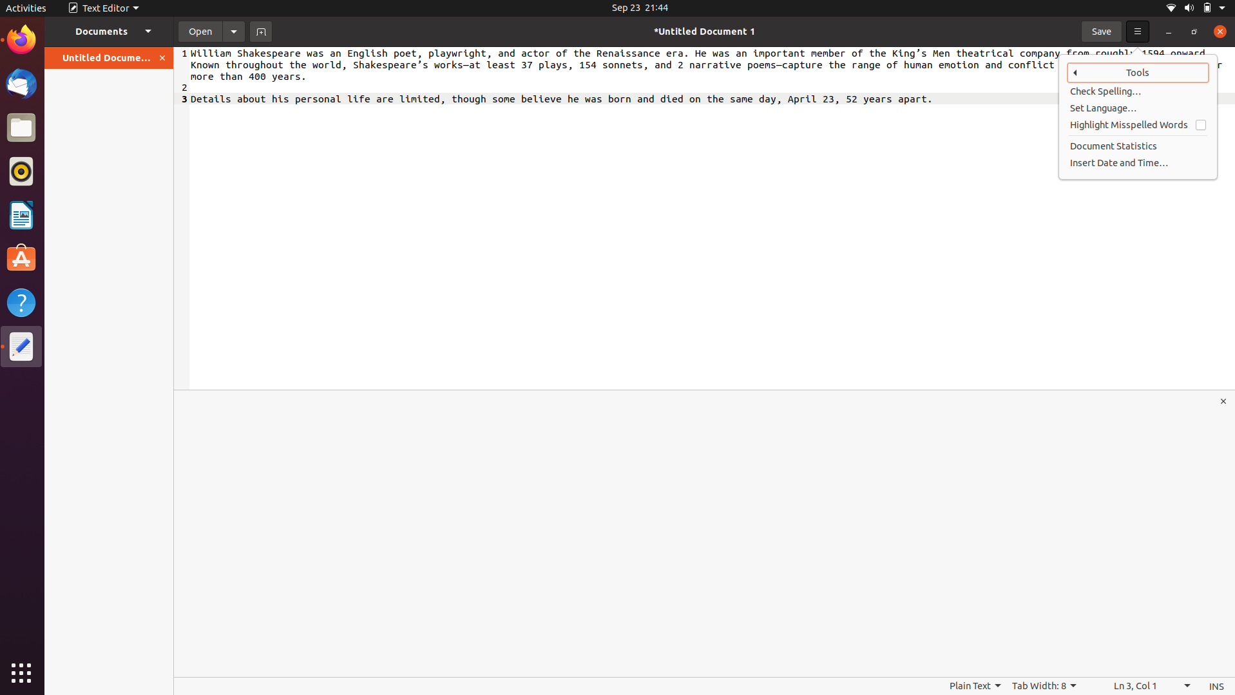  What do you see at coordinates (1224, 401) in the screenshot?
I see `Increase the size of the editor` at bounding box center [1224, 401].